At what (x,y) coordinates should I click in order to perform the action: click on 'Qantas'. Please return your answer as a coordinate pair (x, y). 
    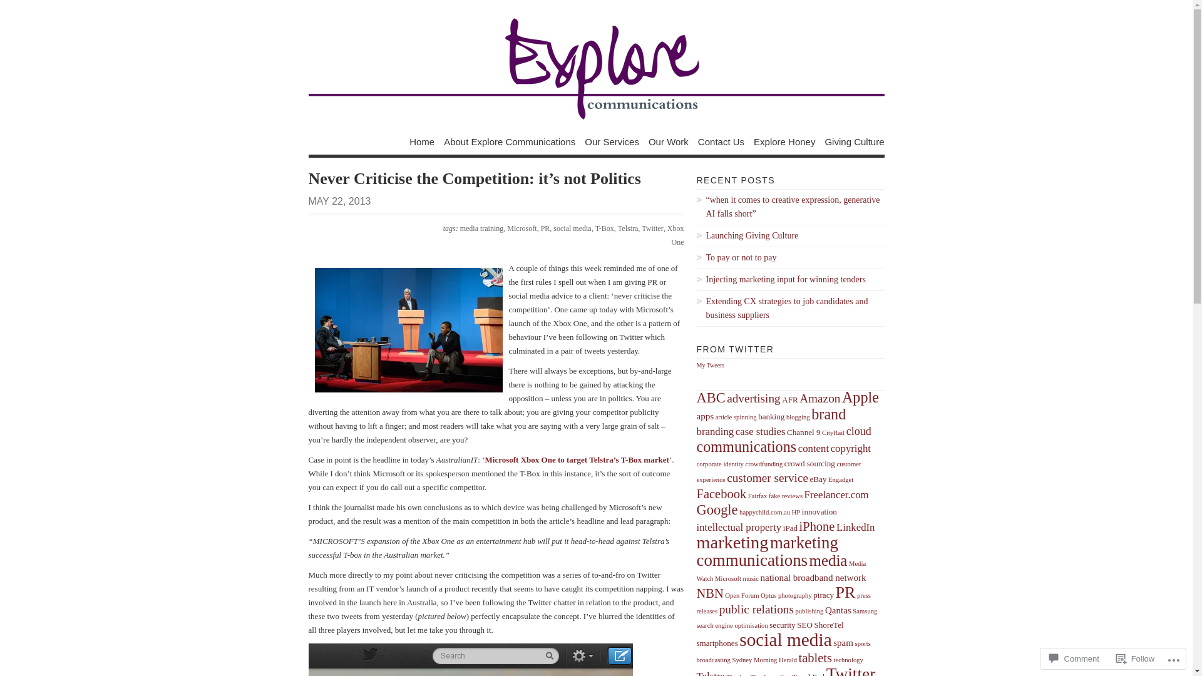
    Looking at the image, I should click on (838, 610).